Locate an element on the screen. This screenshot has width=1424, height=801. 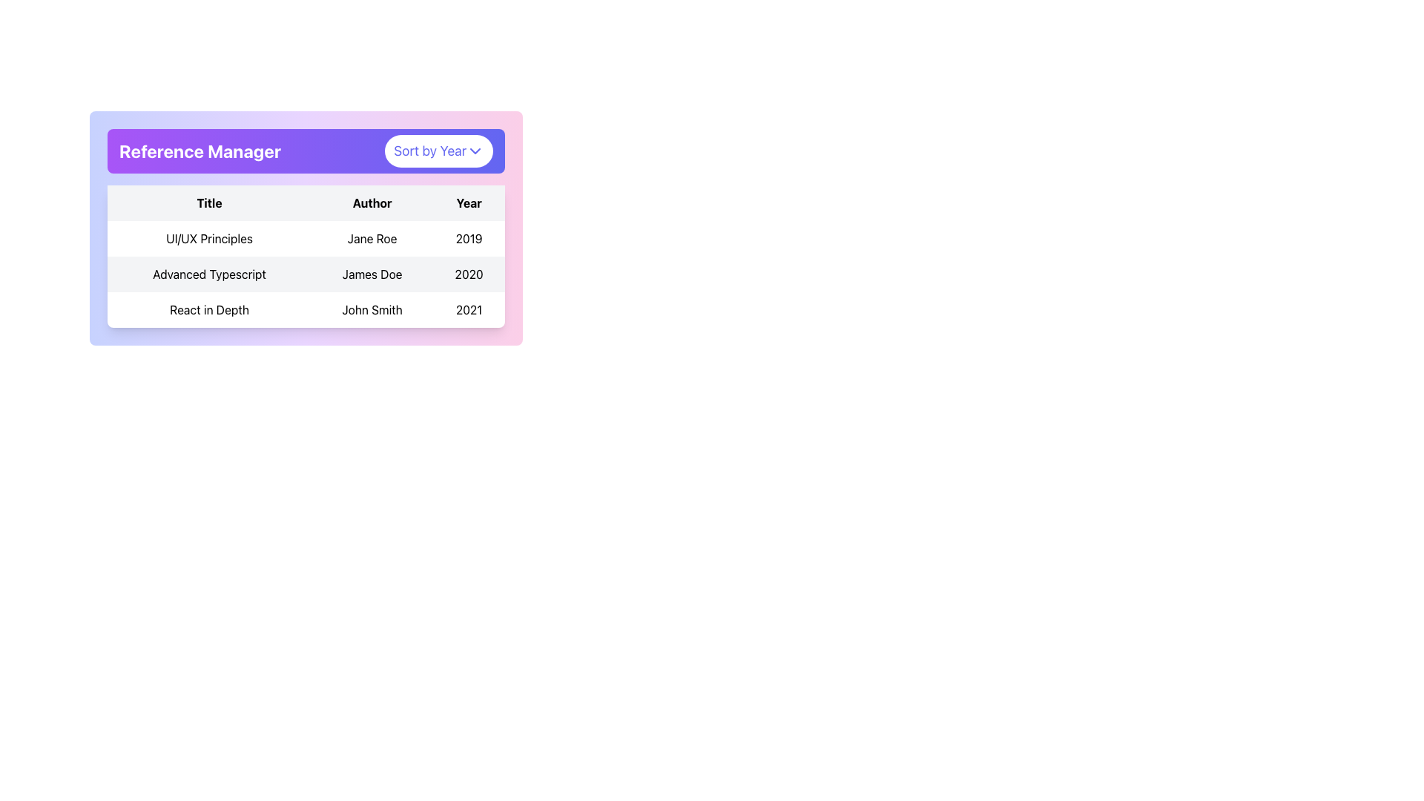
the 'Author' column header label in the table, which is located between 'Title' and 'Year' in the 'Reference Manager' section is located at coordinates (372, 202).